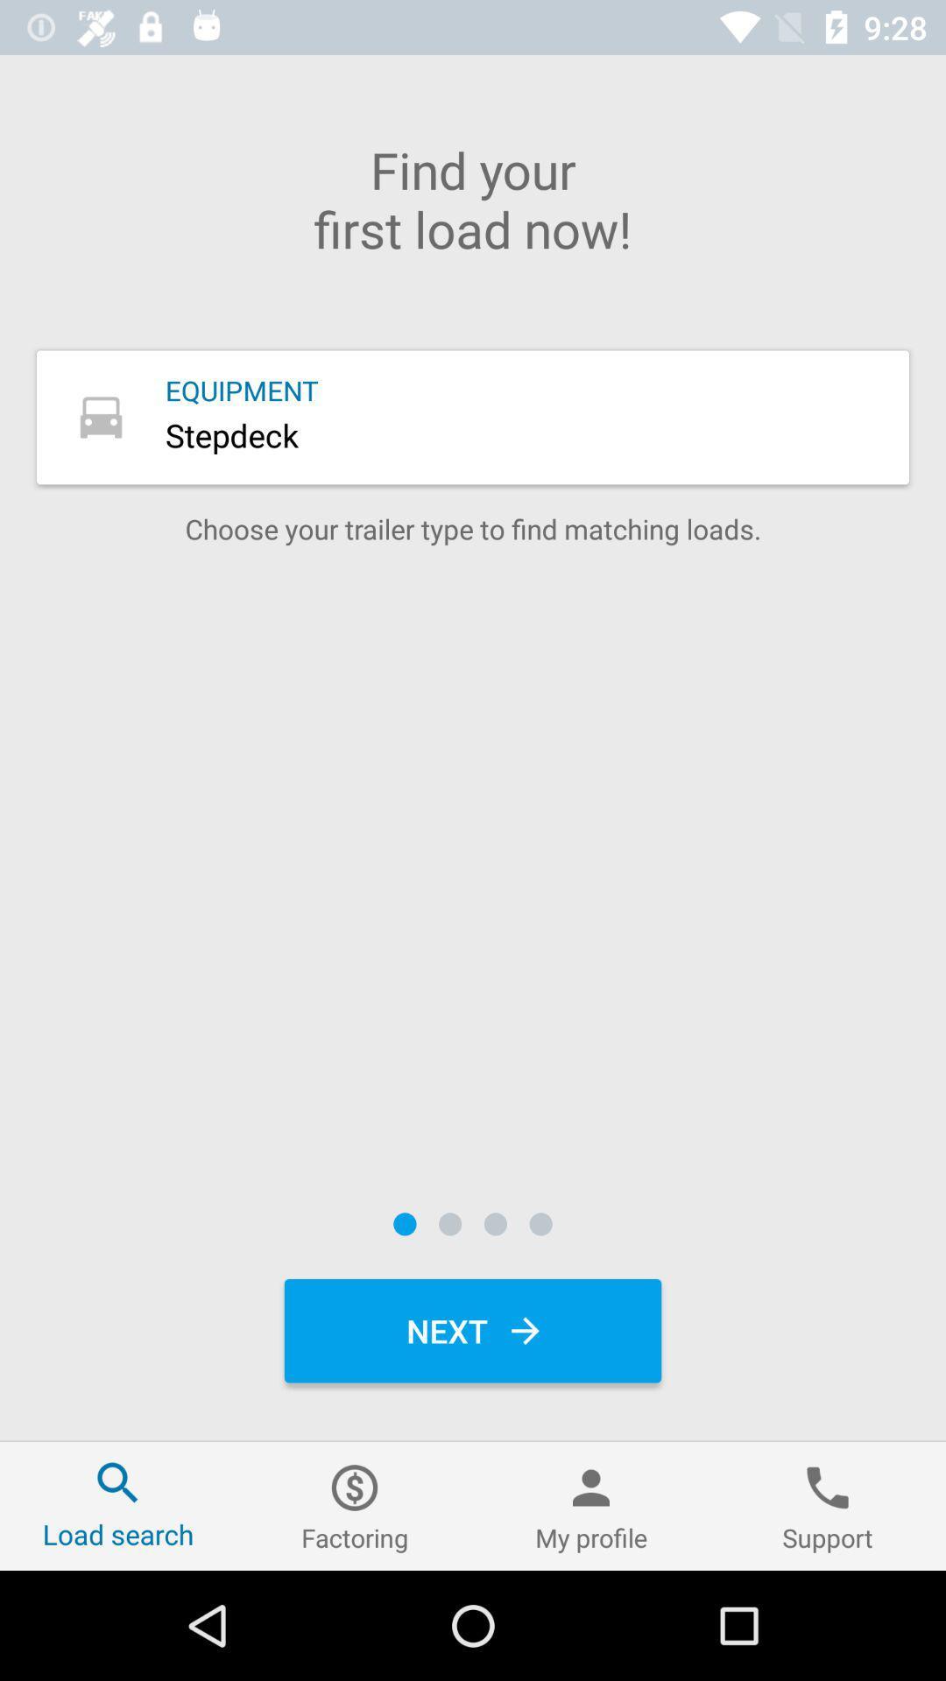 The height and width of the screenshot is (1681, 946). I want to click on the item to the left of the support, so click(591, 1505).